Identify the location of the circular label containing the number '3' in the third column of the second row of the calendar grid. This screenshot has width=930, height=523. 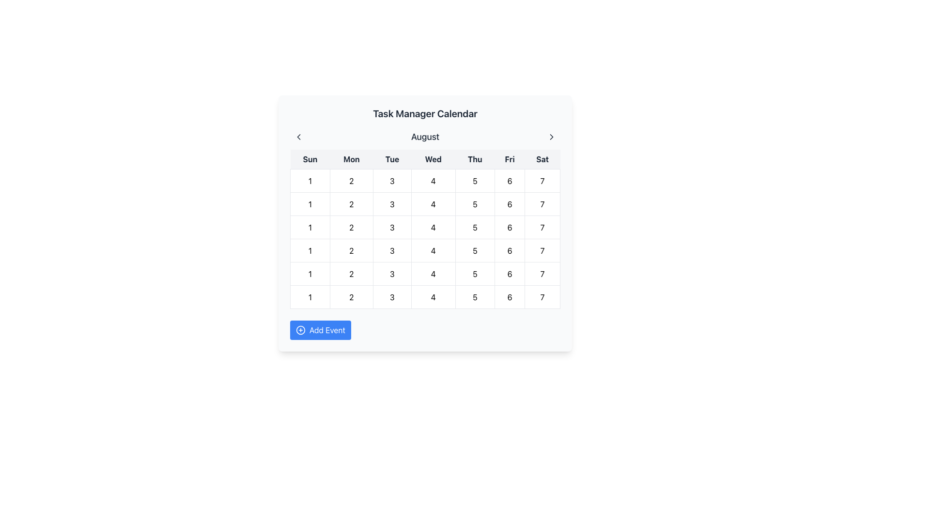
(392, 203).